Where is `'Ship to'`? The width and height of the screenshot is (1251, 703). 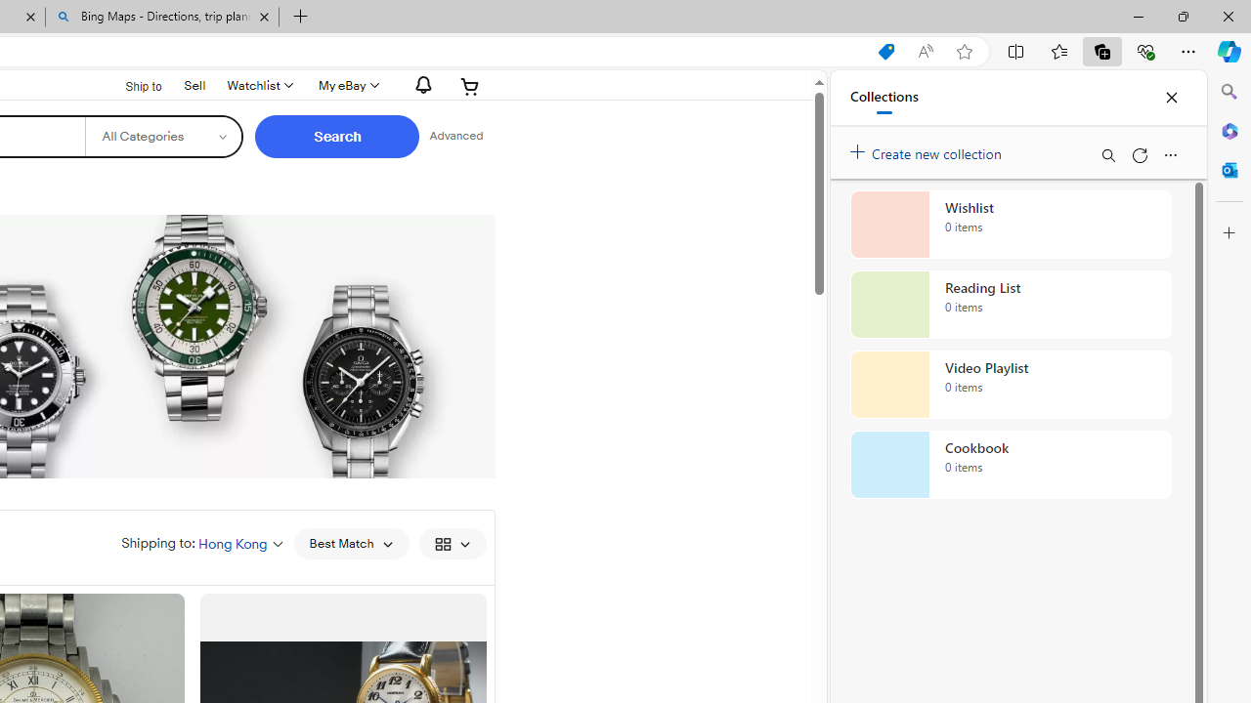
'Ship to' is located at coordinates (130, 86).